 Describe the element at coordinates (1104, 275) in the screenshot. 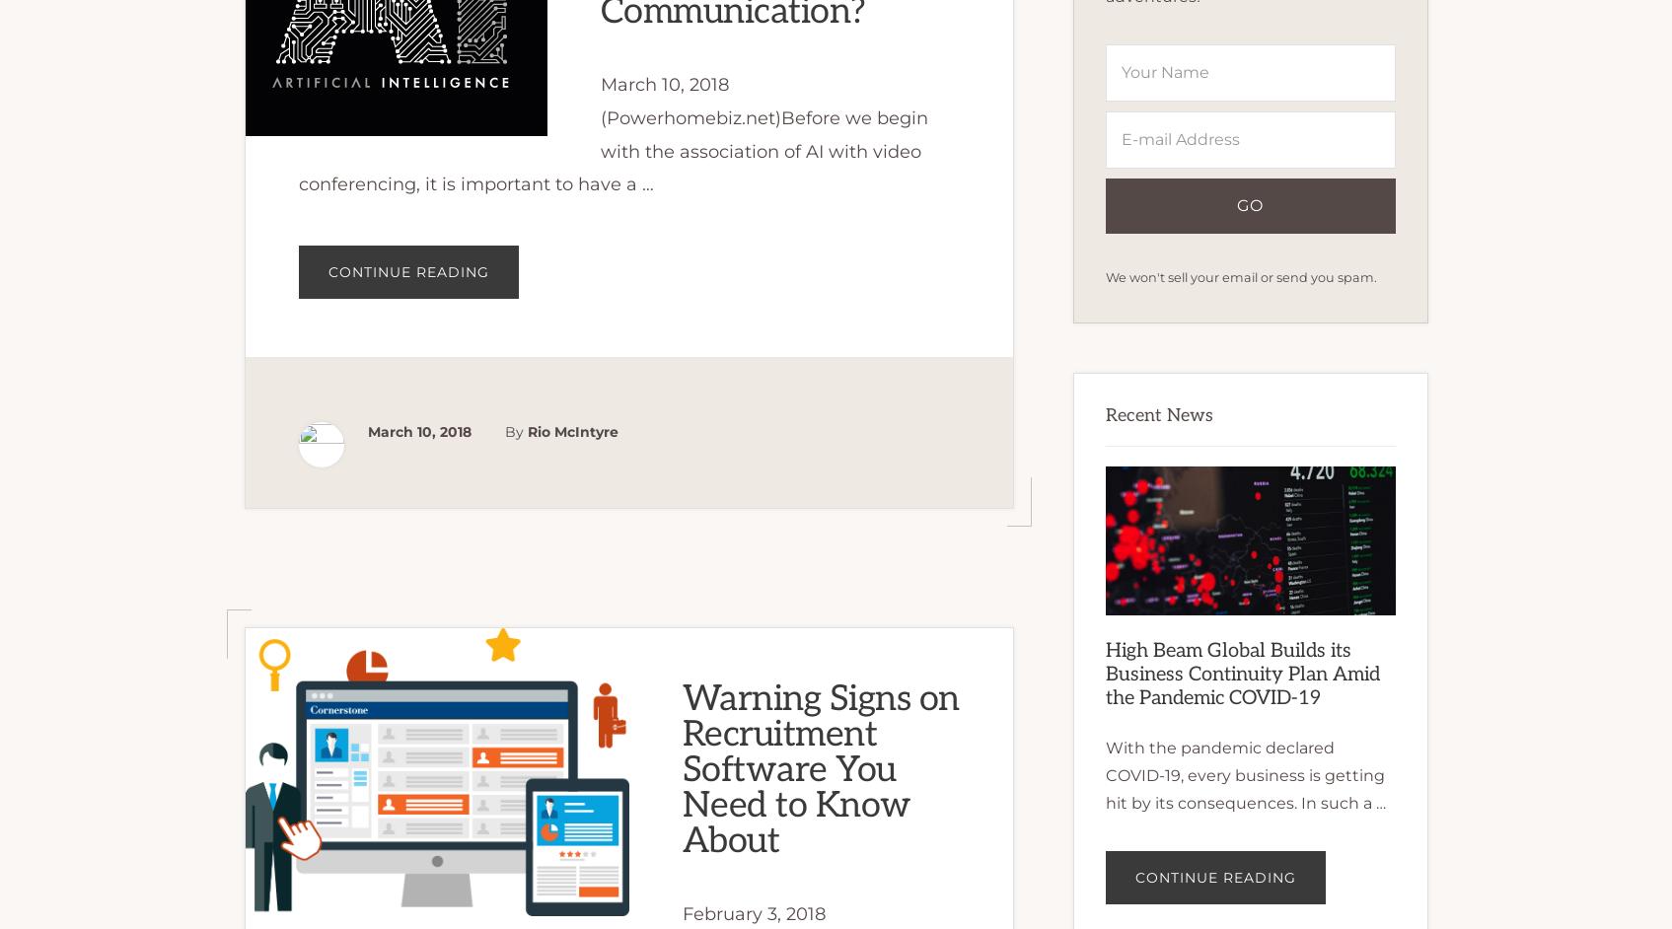

I see `'We won't sell your email or send you spam.'` at that location.